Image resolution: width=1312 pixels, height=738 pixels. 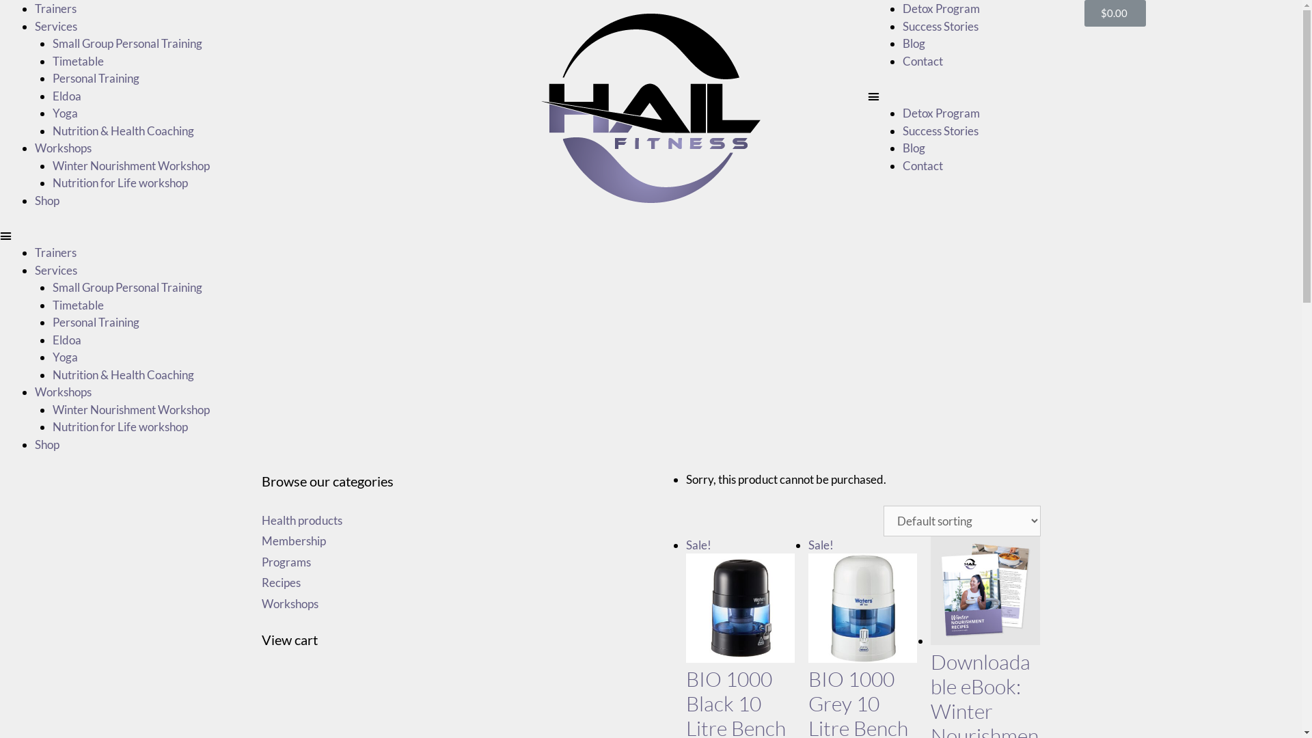 What do you see at coordinates (292, 540) in the screenshot?
I see `'Membership'` at bounding box center [292, 540].